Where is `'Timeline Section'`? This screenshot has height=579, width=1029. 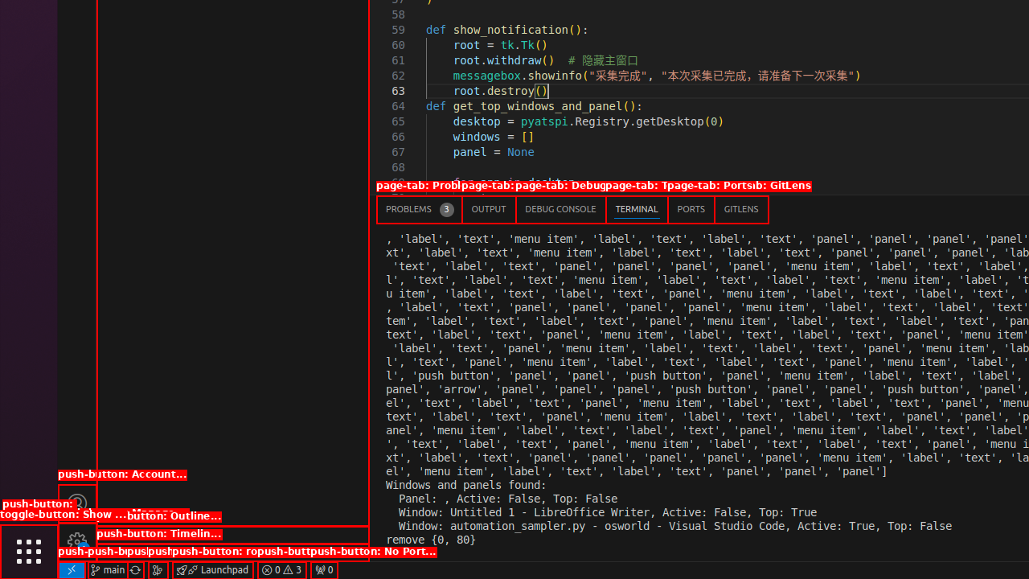 'Timeline Section' is located at coordinates (232, 552).